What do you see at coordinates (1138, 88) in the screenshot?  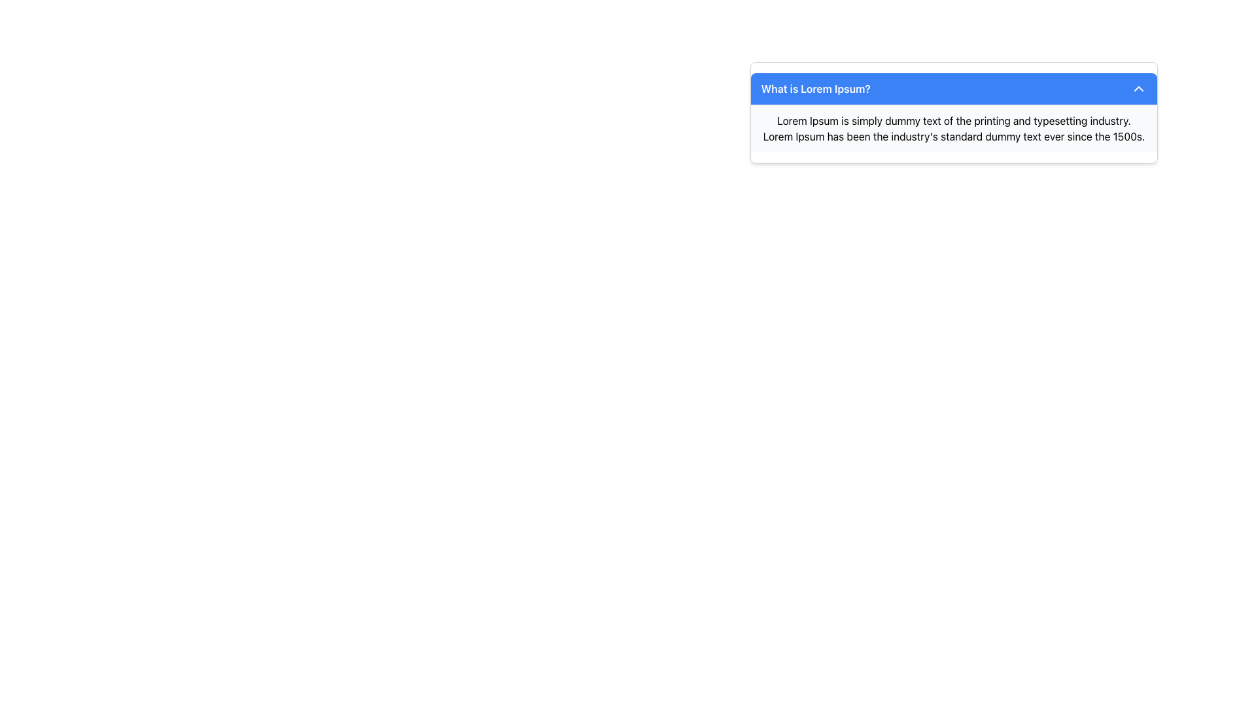 I see `the toggle icon located in the upper-right corner of the blue header bar next to the text 'What is Lorem Ipsum?' to collapse or expand the content of the information box` at bounding box center [1138, 88].